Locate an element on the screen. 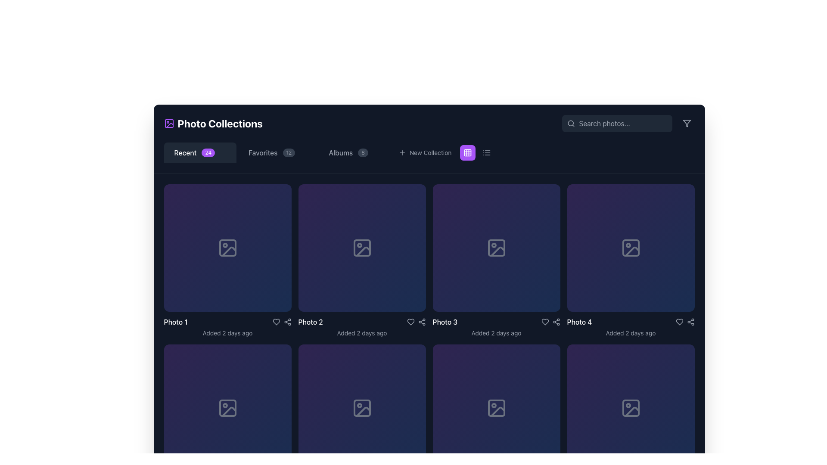 Image resolution: width=827 pixels, height=465 pixels. the view mode toggle button located next to a purple background element with a grid icon in the horizontal toolbar at the top center of the page is located at coordinates (487, 152).